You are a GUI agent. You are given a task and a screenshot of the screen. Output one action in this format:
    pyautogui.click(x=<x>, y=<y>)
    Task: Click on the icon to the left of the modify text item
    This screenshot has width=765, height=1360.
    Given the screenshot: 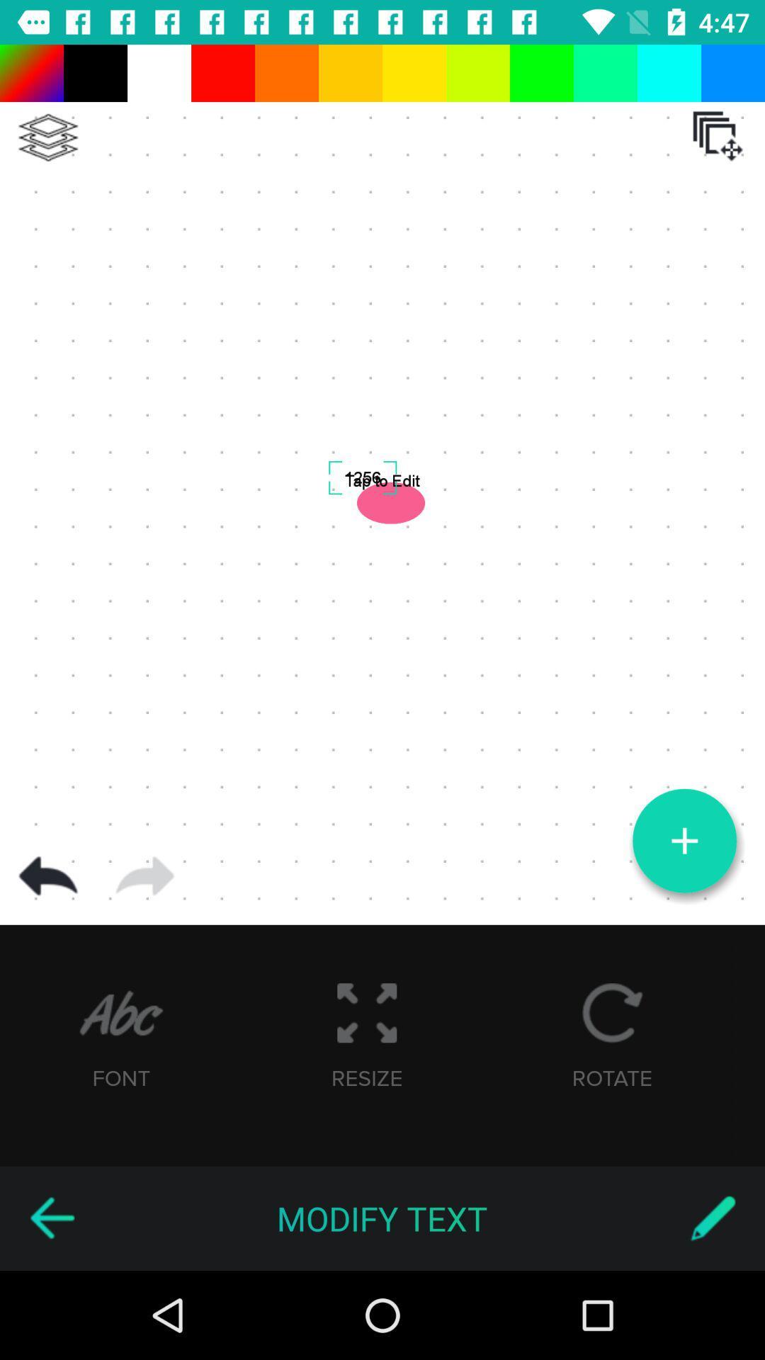 What is the action you would take?
    pyautogui.click(x=51, y=1218)
    